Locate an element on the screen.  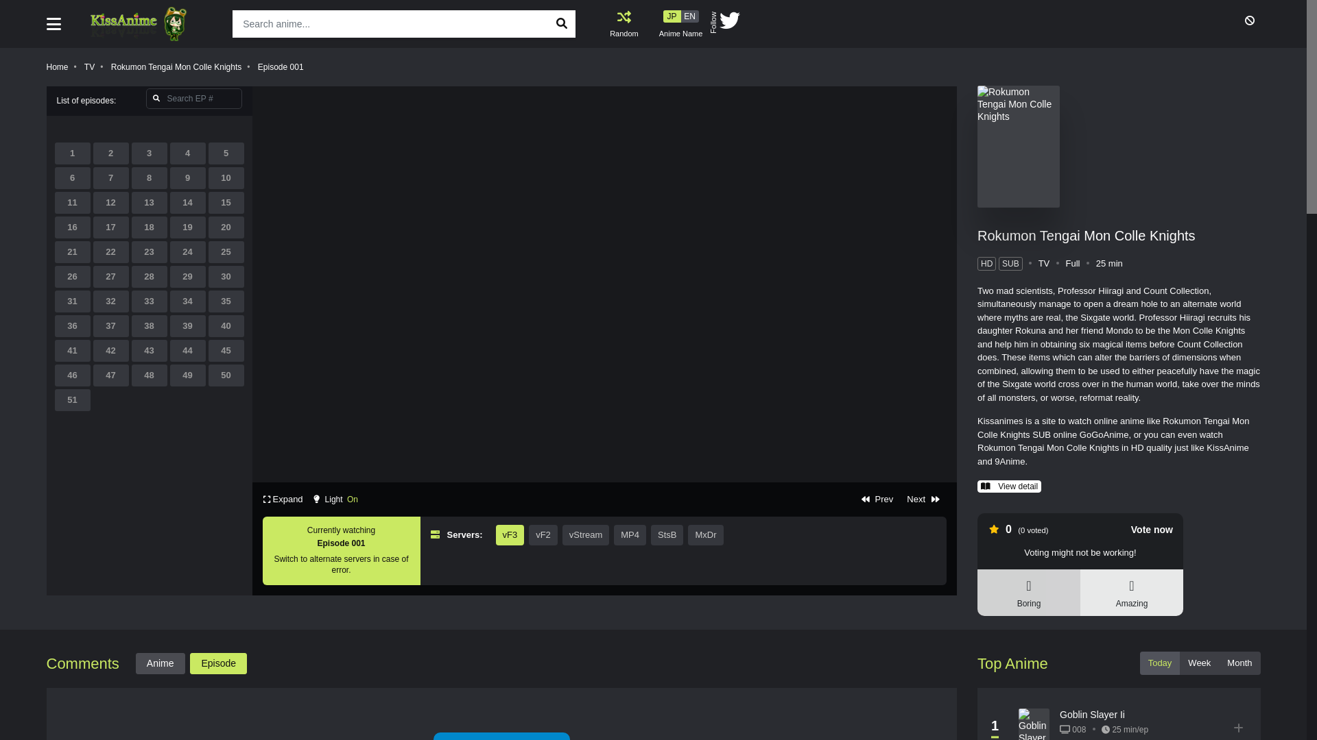
'Rokumon Tengai Mon Colle Knights' is located at coordinates (176, 66).